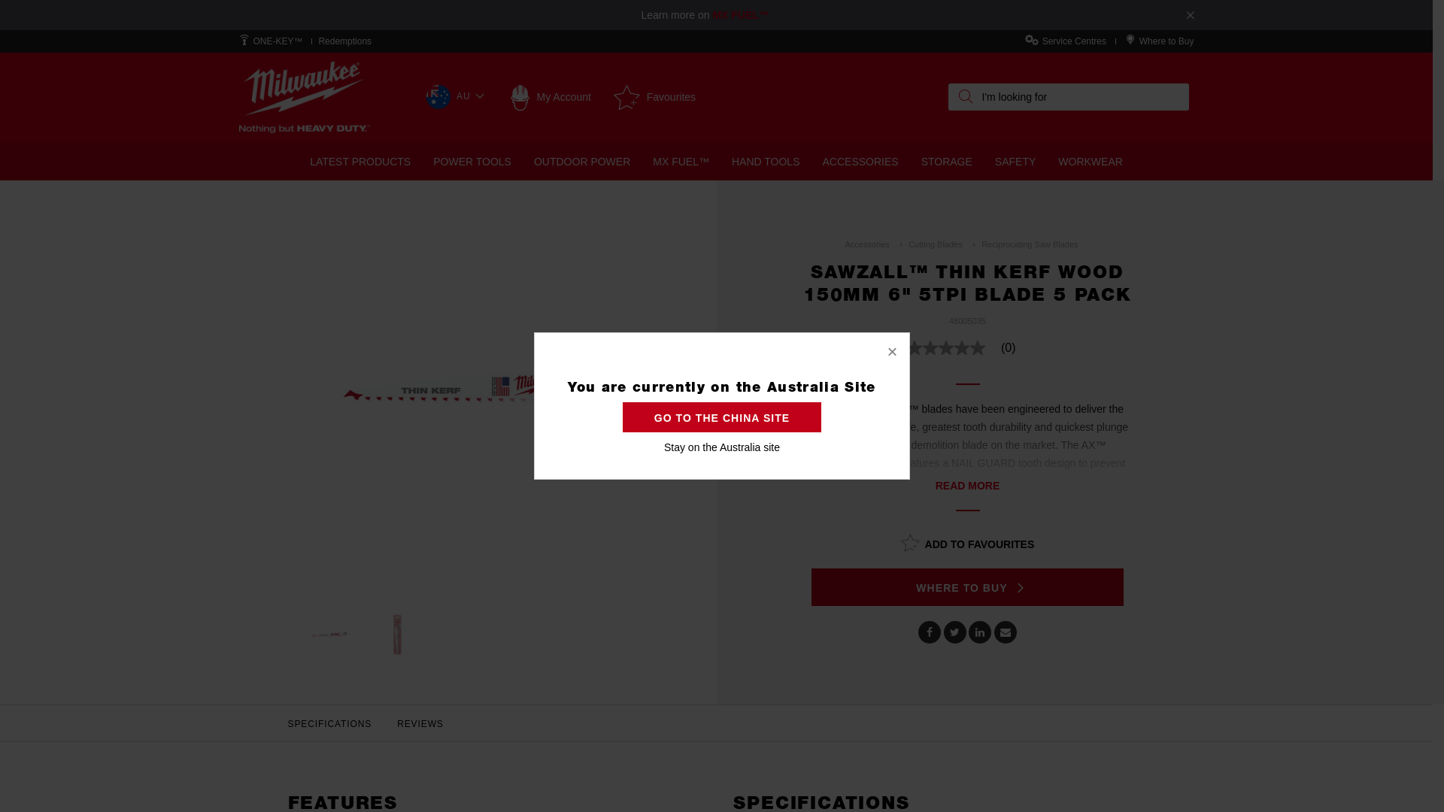  I want to click on 'SPECIFICATIONS', so click(329, 723).